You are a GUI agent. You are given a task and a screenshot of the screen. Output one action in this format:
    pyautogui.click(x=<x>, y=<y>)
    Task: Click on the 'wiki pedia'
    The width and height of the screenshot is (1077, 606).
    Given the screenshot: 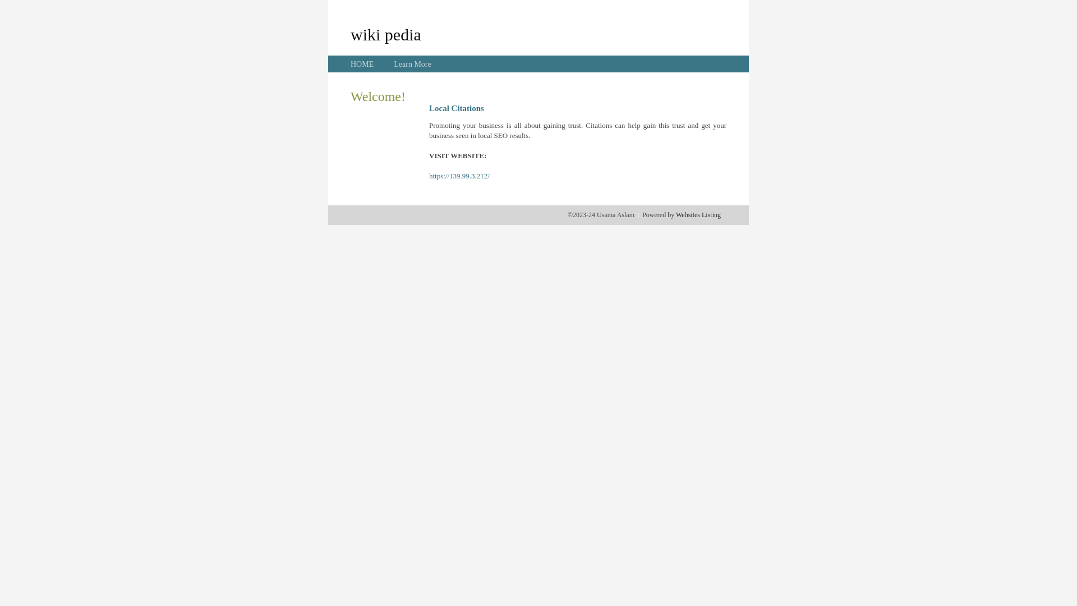 What is the action you would take?
    pyautogui.click(x=349, y=34)
    